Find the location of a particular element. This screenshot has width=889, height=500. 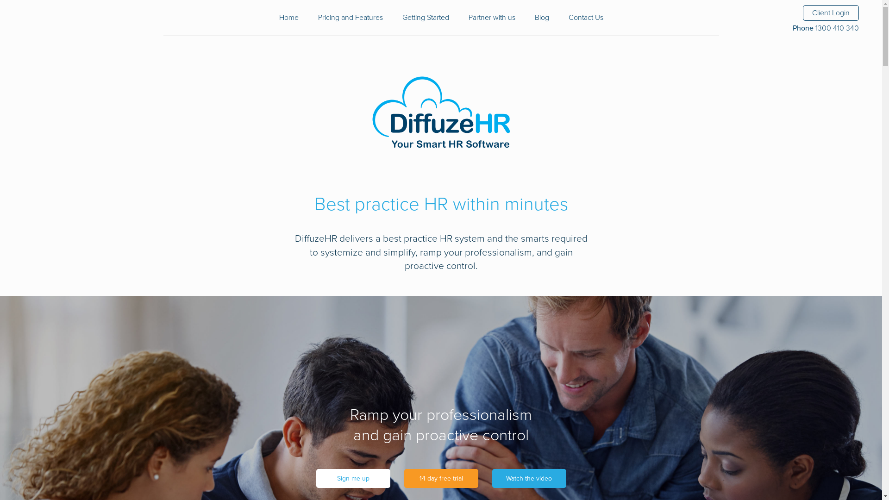

'Contact Us' is located at coordinates (585, 18).